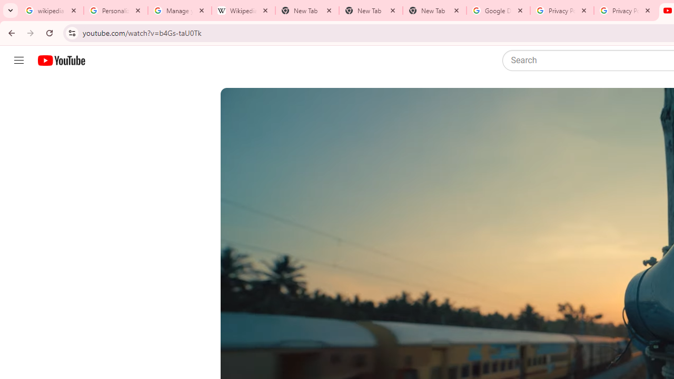 The height and width of the screenshot is (379, 674). What do you see at coordinates (498, 11) in the screenshot?
I see `'Google Drive: Sign-in'` at bounding box center [498, 11].